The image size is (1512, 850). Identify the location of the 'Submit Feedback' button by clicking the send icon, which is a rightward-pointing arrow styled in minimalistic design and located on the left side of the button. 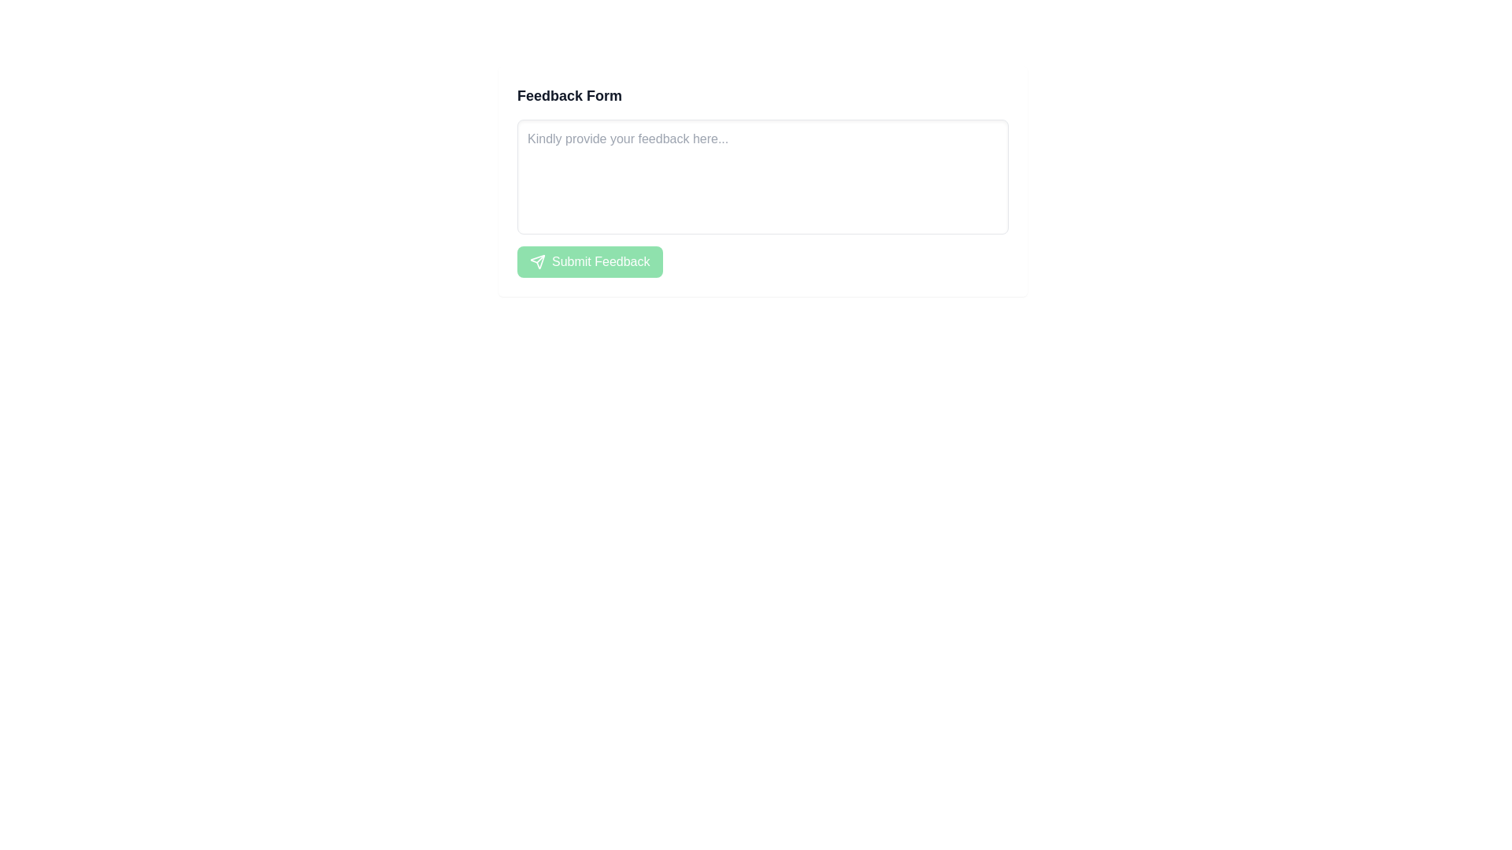
(537, 261).